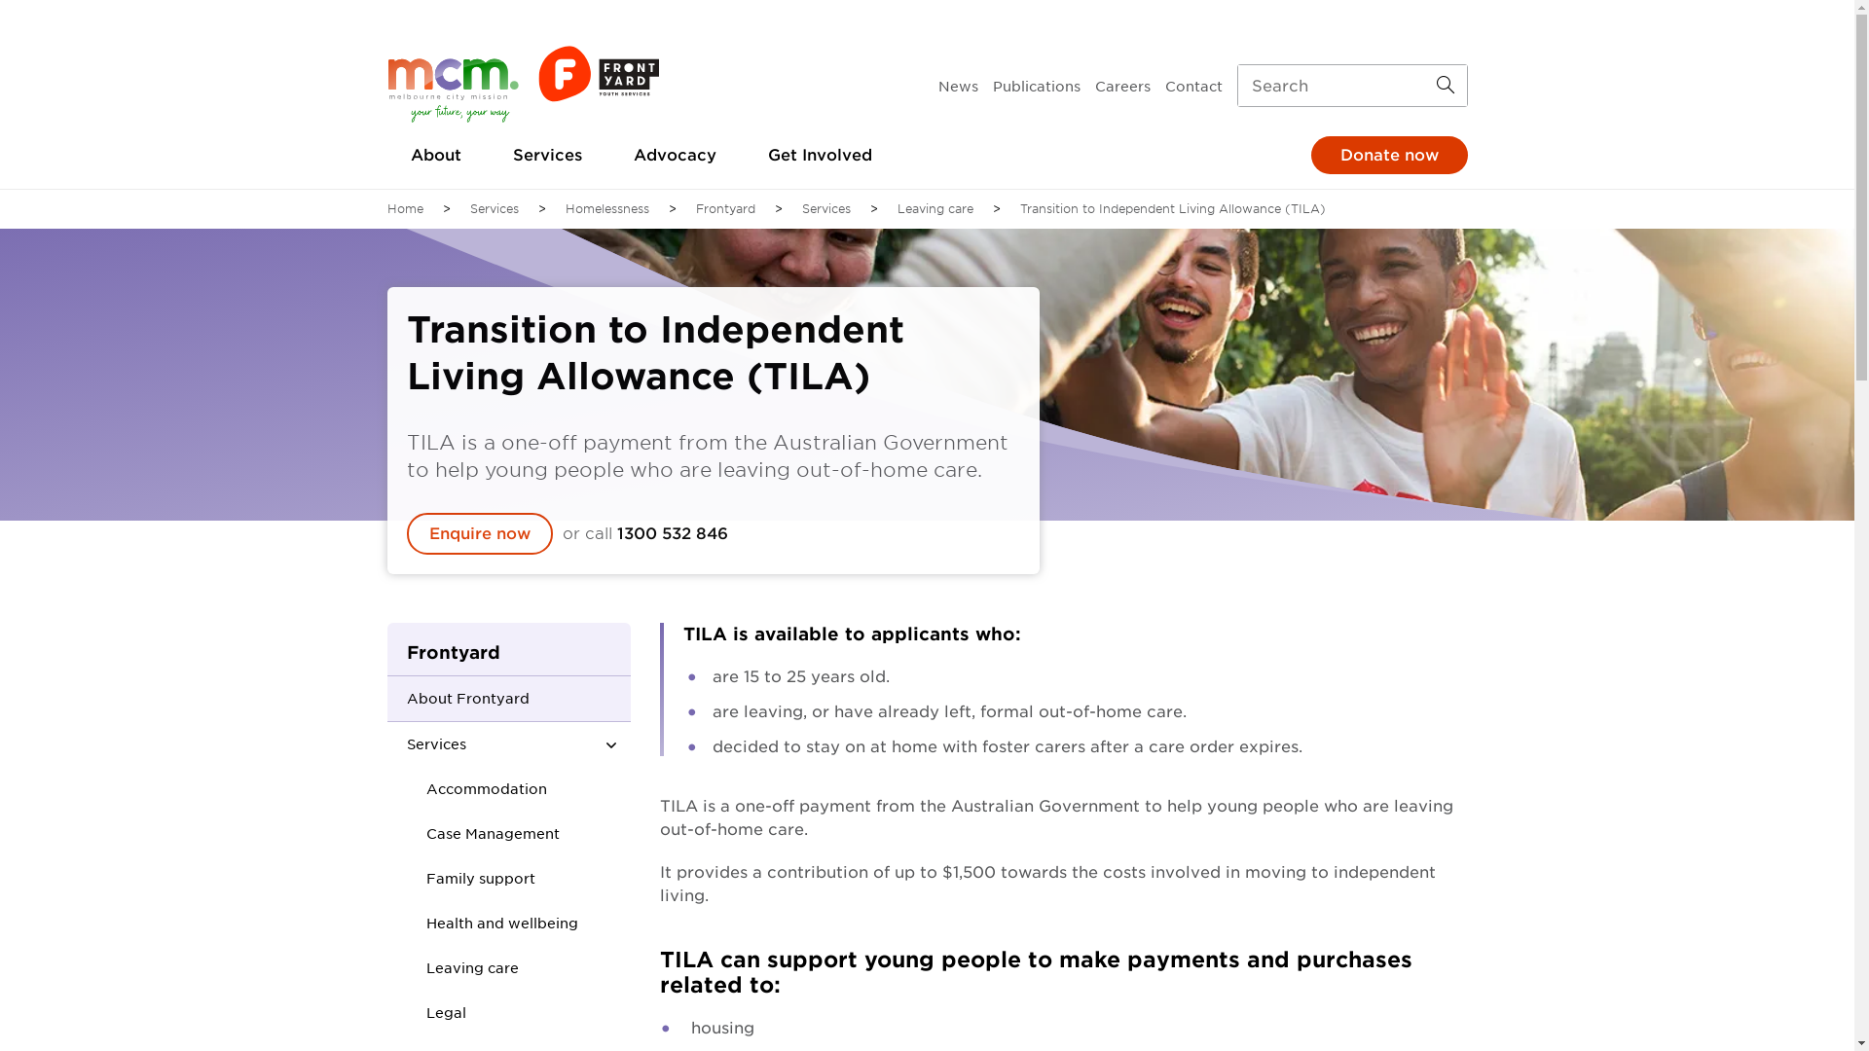  I want to click on 'Home', so click(387, 209).